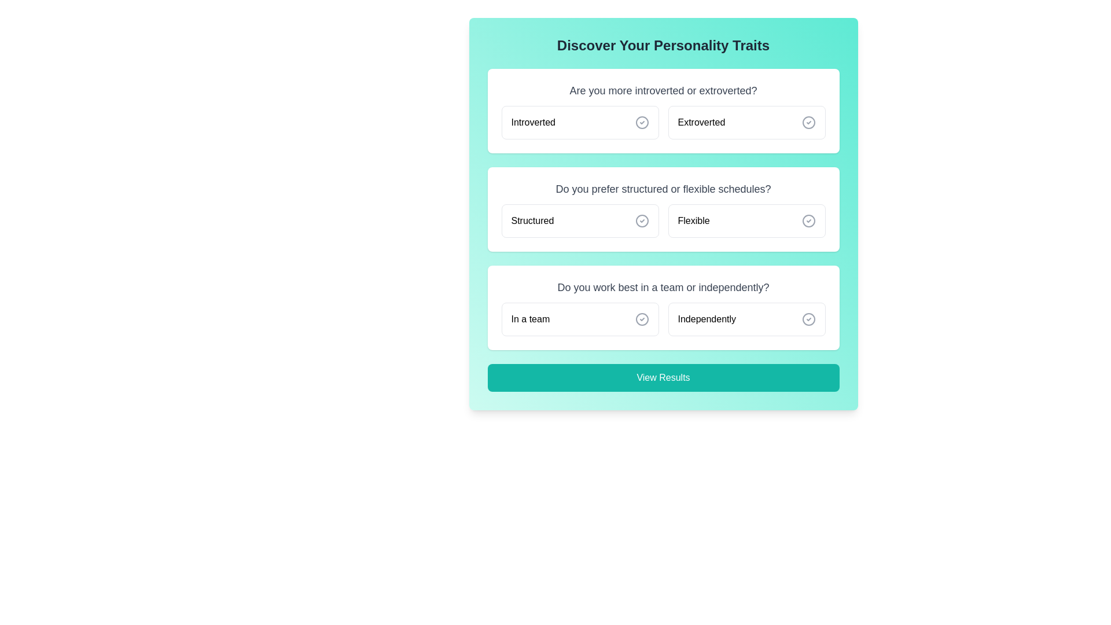 The width and height of the screenshot is (1111, 625). What do you see at coordinates (641, 123) in the screenshot?
I see `the checkbox` at bounding box center [641, 123].